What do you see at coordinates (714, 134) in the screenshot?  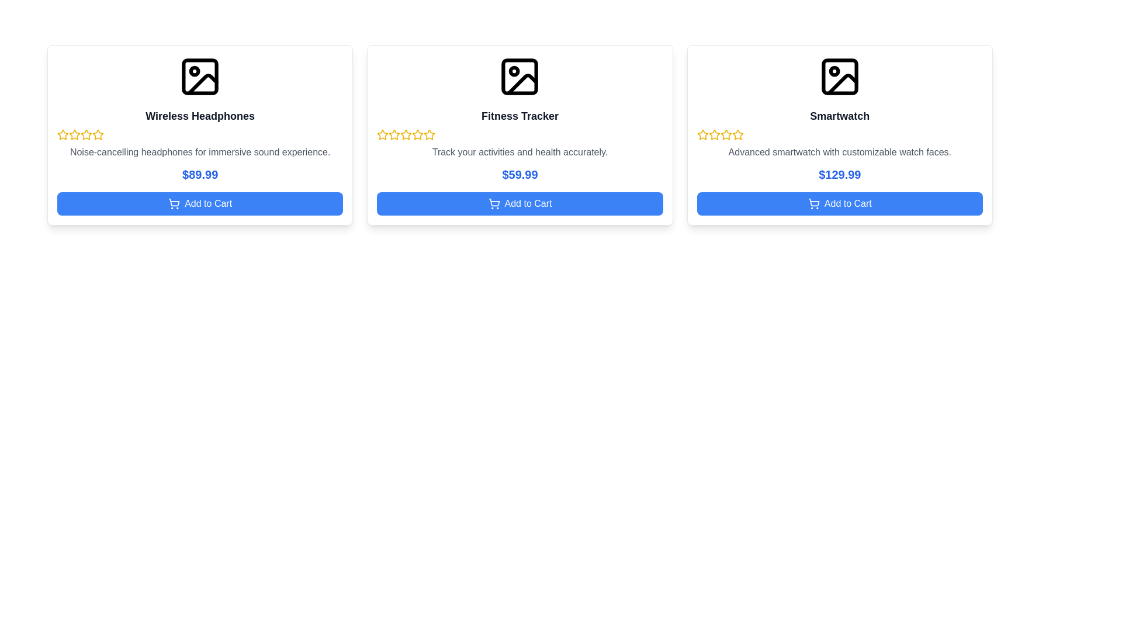 I see `the third star icon in the five-star rating system for the Smartwatch product card` at bounding box center [714, 134].